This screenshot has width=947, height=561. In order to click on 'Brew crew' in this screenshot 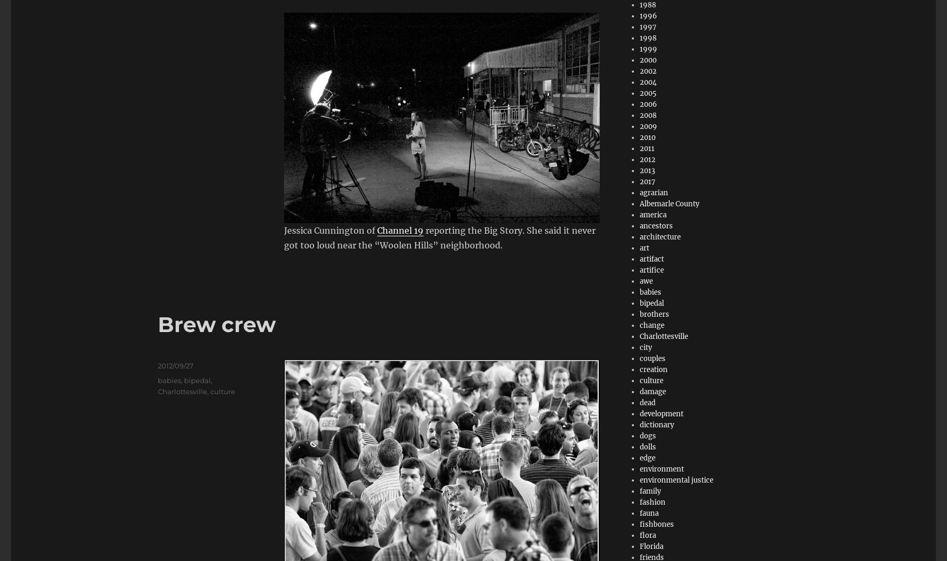, I will do `click(217, 323)`.